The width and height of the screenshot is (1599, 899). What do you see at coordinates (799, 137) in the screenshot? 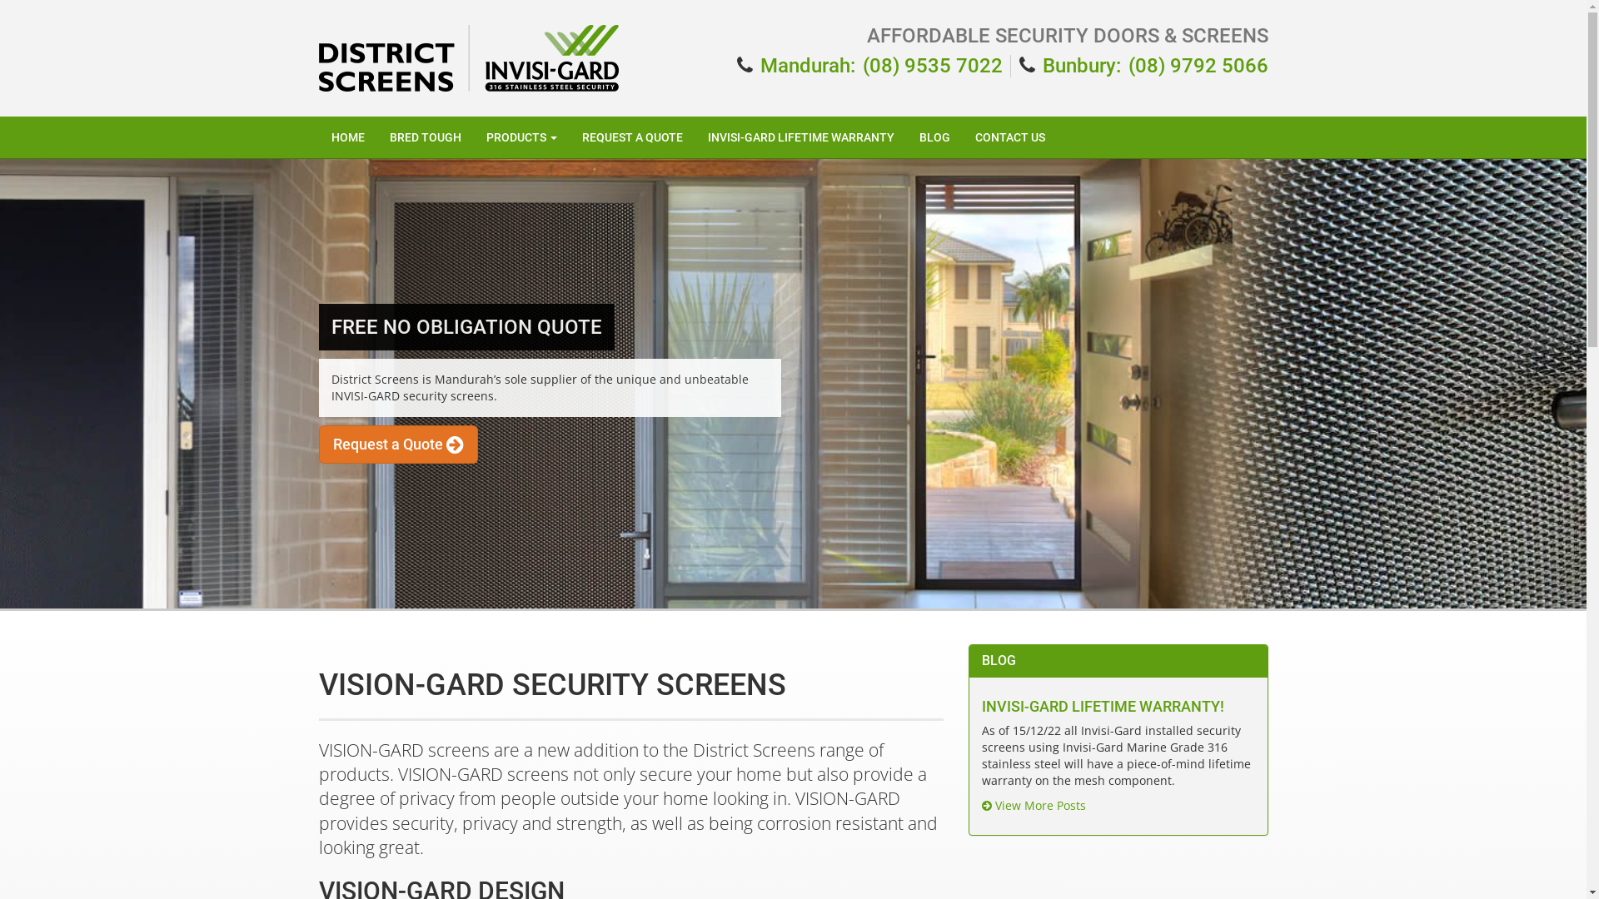
I see `'INVISI-GARD LIFETIME WARRANTY'` at bounding box center [799, 137].